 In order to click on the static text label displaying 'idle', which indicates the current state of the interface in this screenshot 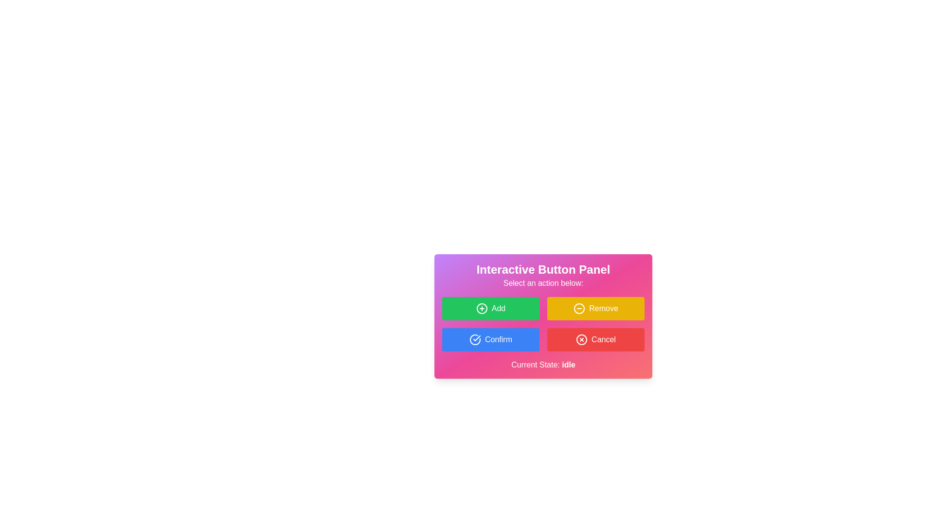, I will do `click(569, 365)`.